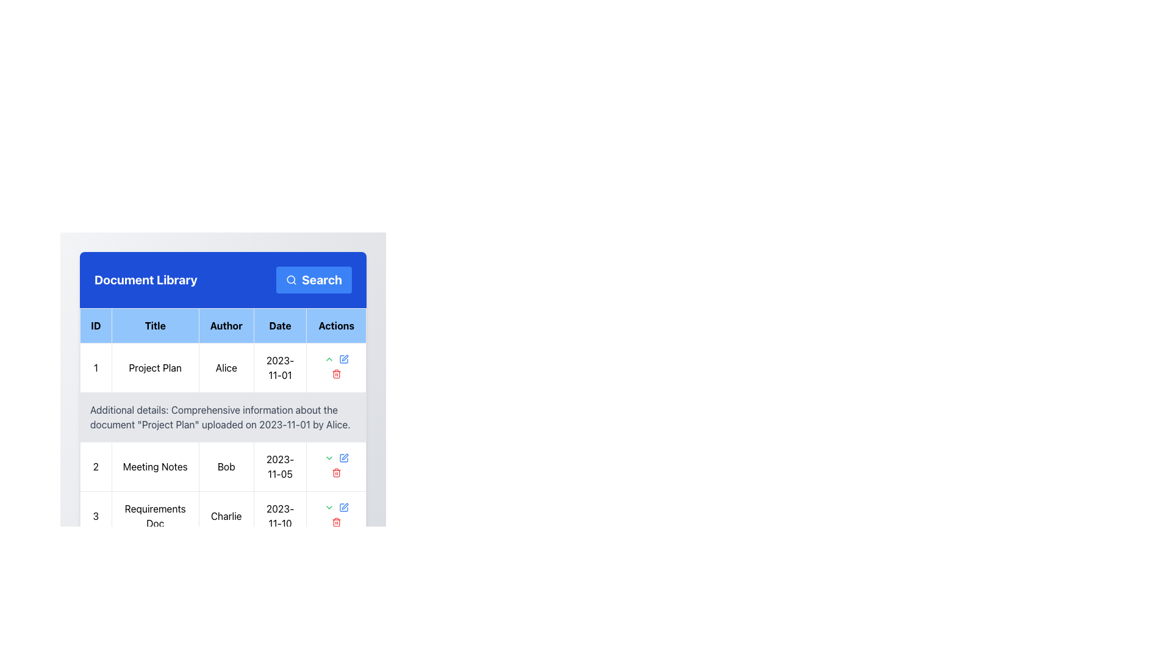 This screenshot has width=1171, height=659. Describe the element at coordinates (223, 416) in the screenshot. I see `contextual information displayed in the text block located directly below the first row of the document table related to the 'Project Plan'` at that location.